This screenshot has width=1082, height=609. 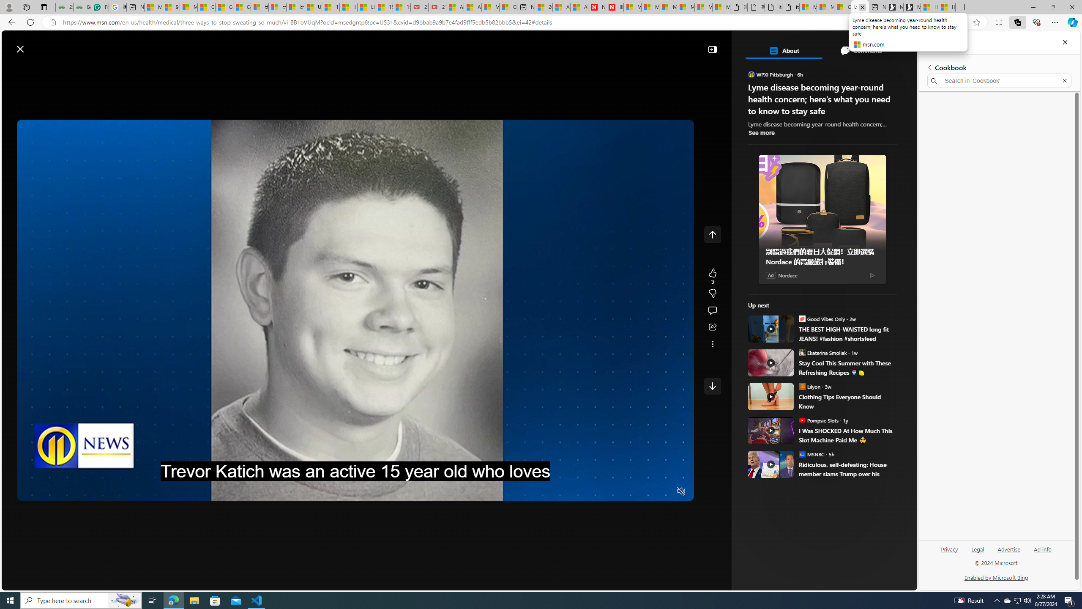 What do you see at coordinates (929, 67) in the screenshot?
I see `'Back to list of collections'` at bounding box center [929, 67].